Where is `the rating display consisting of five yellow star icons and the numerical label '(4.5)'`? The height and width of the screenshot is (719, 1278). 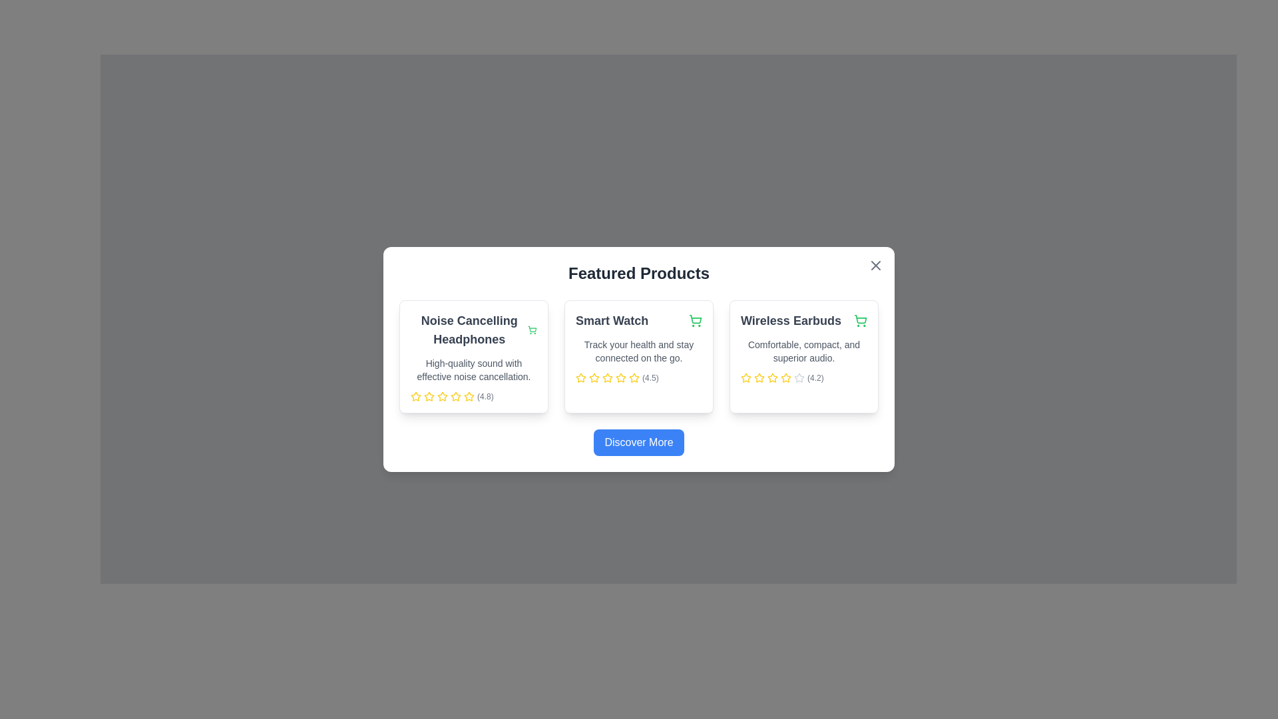 the rating display consisting of five yellow star icons and the numerical label '(4.5)' is located at coordinates (639, 377).